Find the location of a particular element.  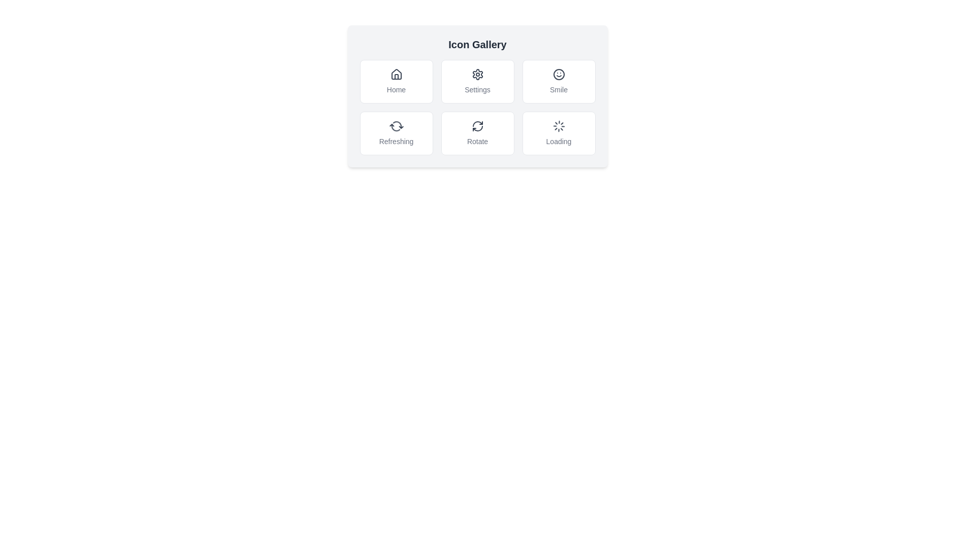

the 'Home' icon located in the upper-left corner of the grid layout under the 'Icon Gallery' heading is located at coordinates (396, 74).